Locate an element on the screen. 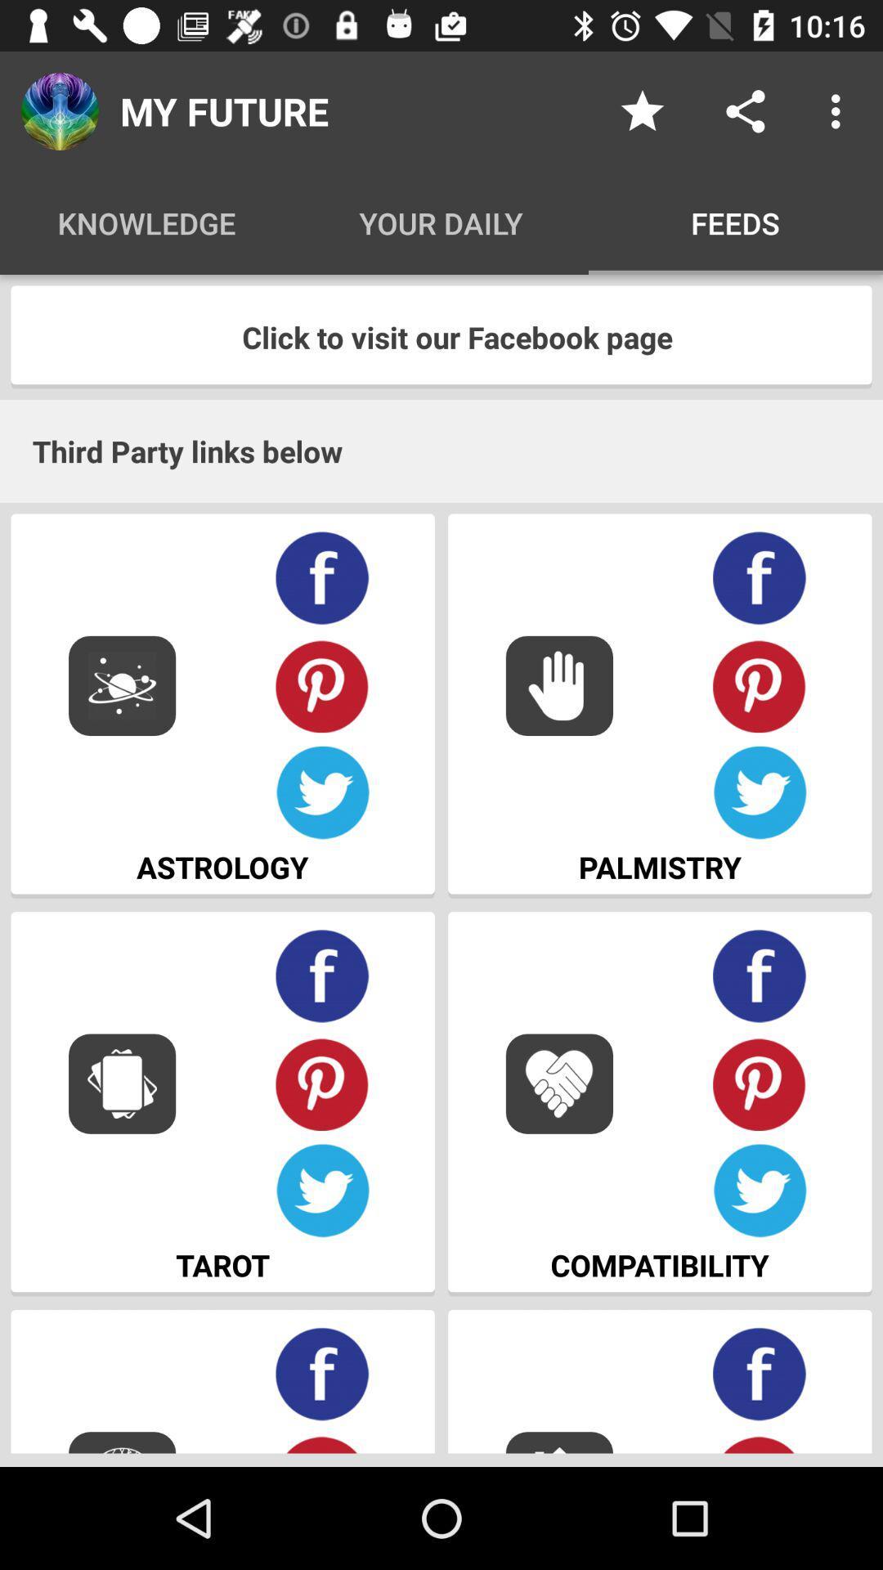 The height and width of the screenshot is (1570, 883). share is located at coordinates (745, 110).